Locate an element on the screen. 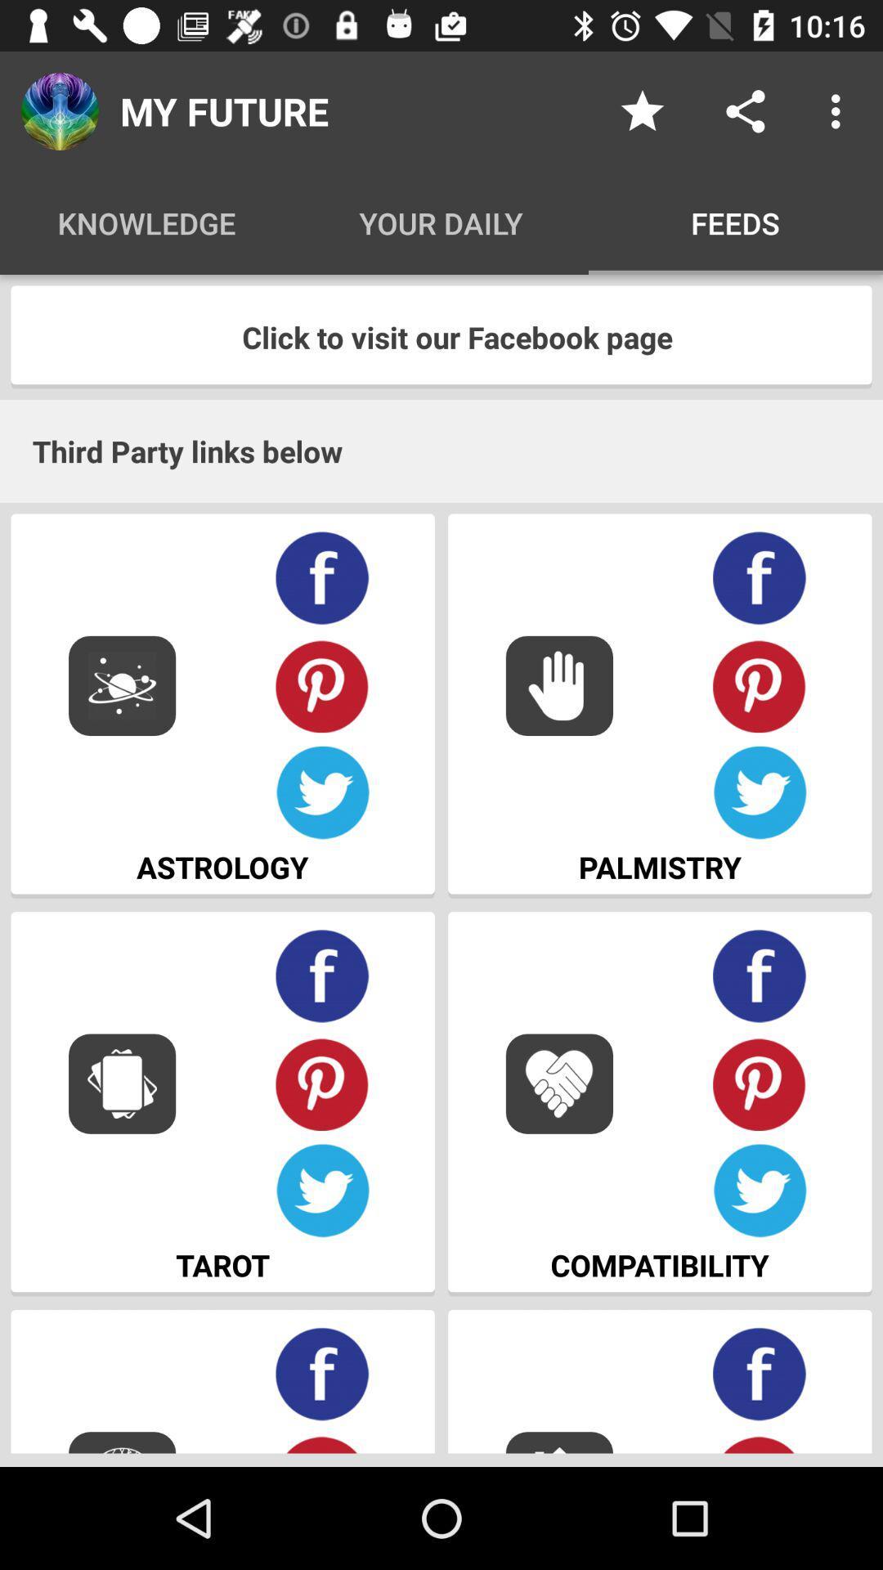 The height and width of the screenshot is (1570, 883). share is located at coordinates (745, 110).